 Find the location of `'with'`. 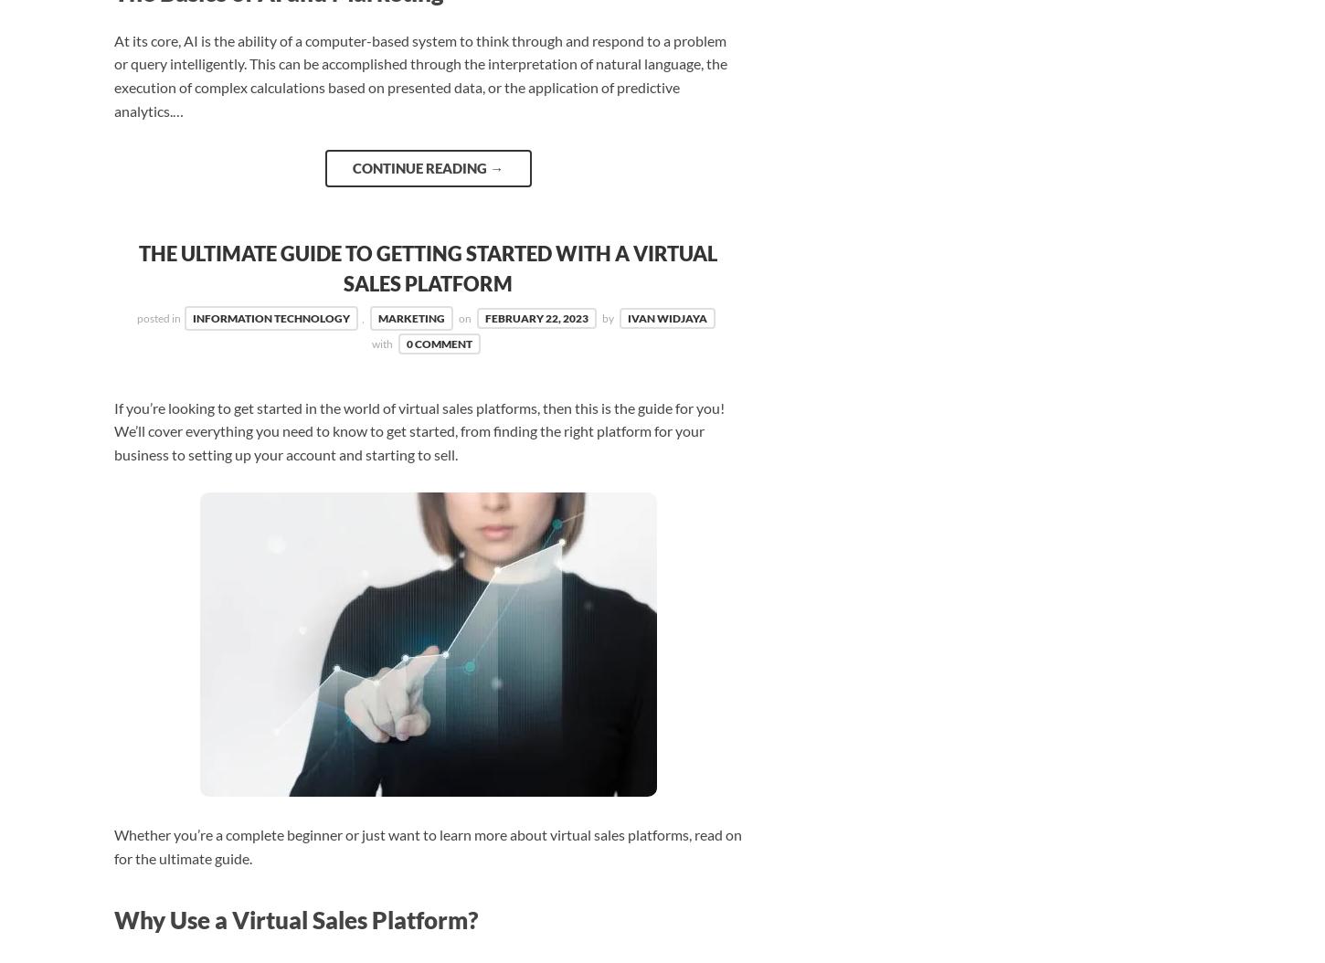

'with' is located at coordinates (382, 343).